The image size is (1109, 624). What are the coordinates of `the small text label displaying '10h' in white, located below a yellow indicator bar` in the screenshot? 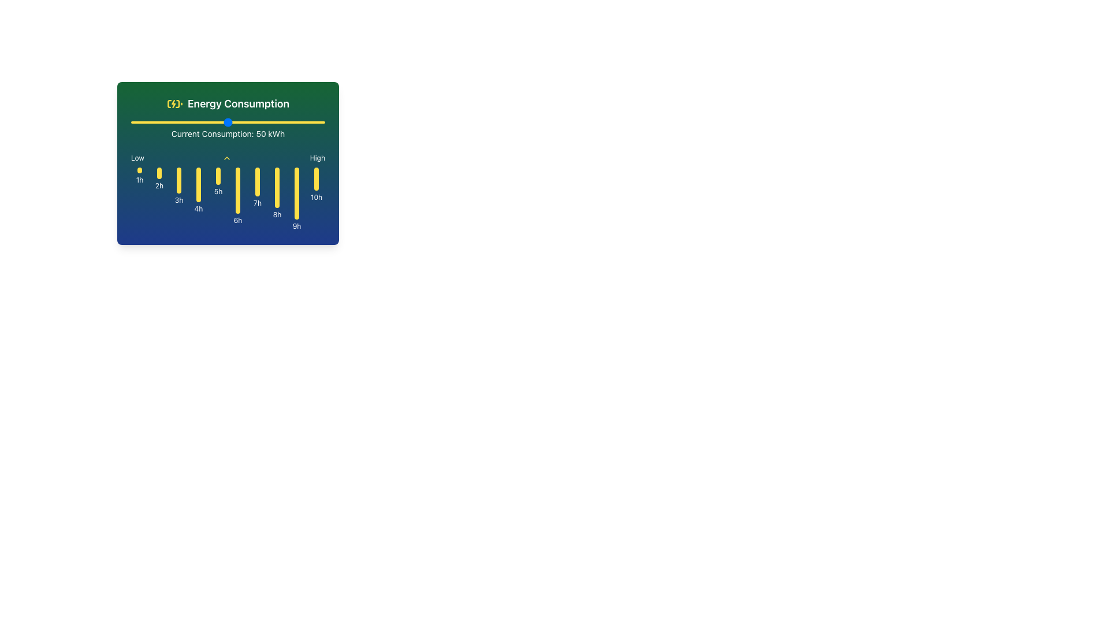 It's located at (316, 197).